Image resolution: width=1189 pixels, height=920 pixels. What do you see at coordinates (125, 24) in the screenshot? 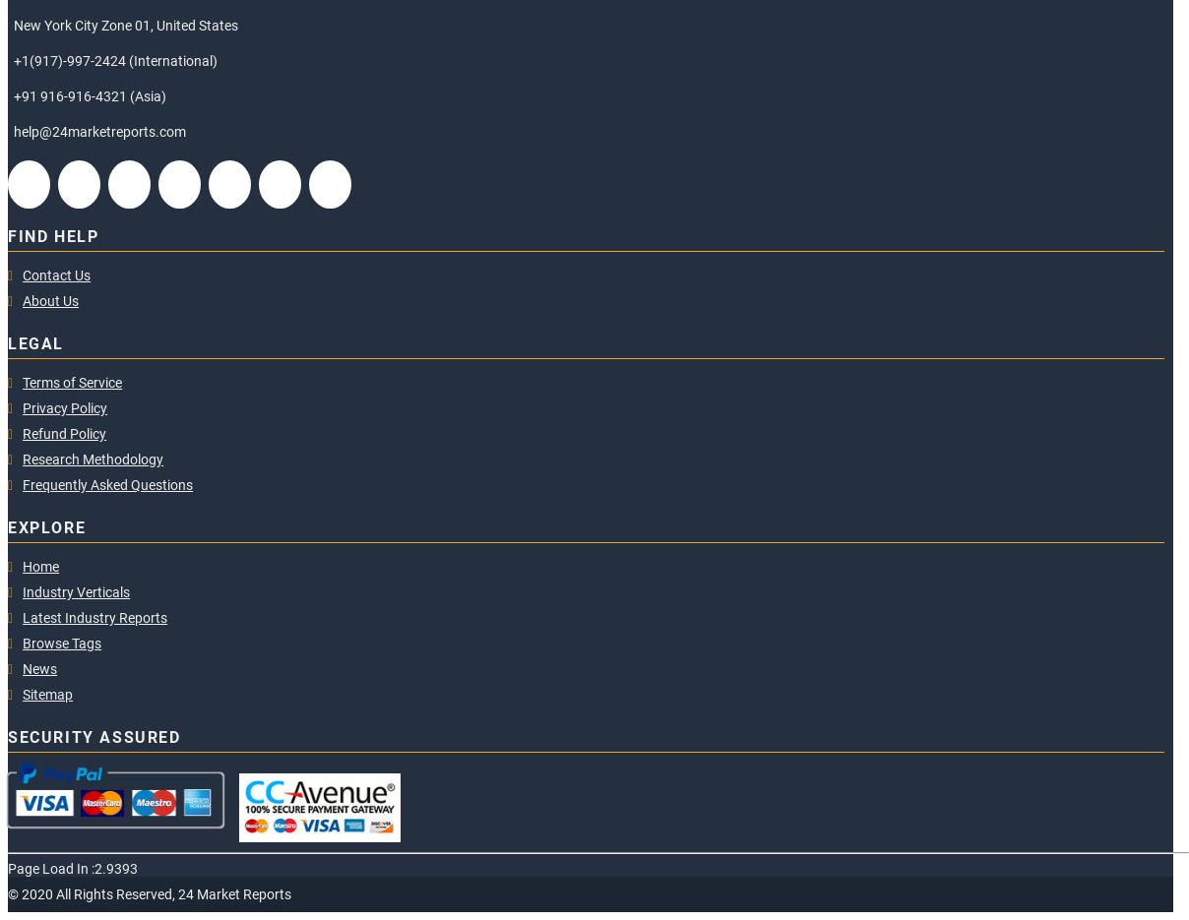
I see `'New York City Zone 01, United States'` at bounding box center [125, 24].